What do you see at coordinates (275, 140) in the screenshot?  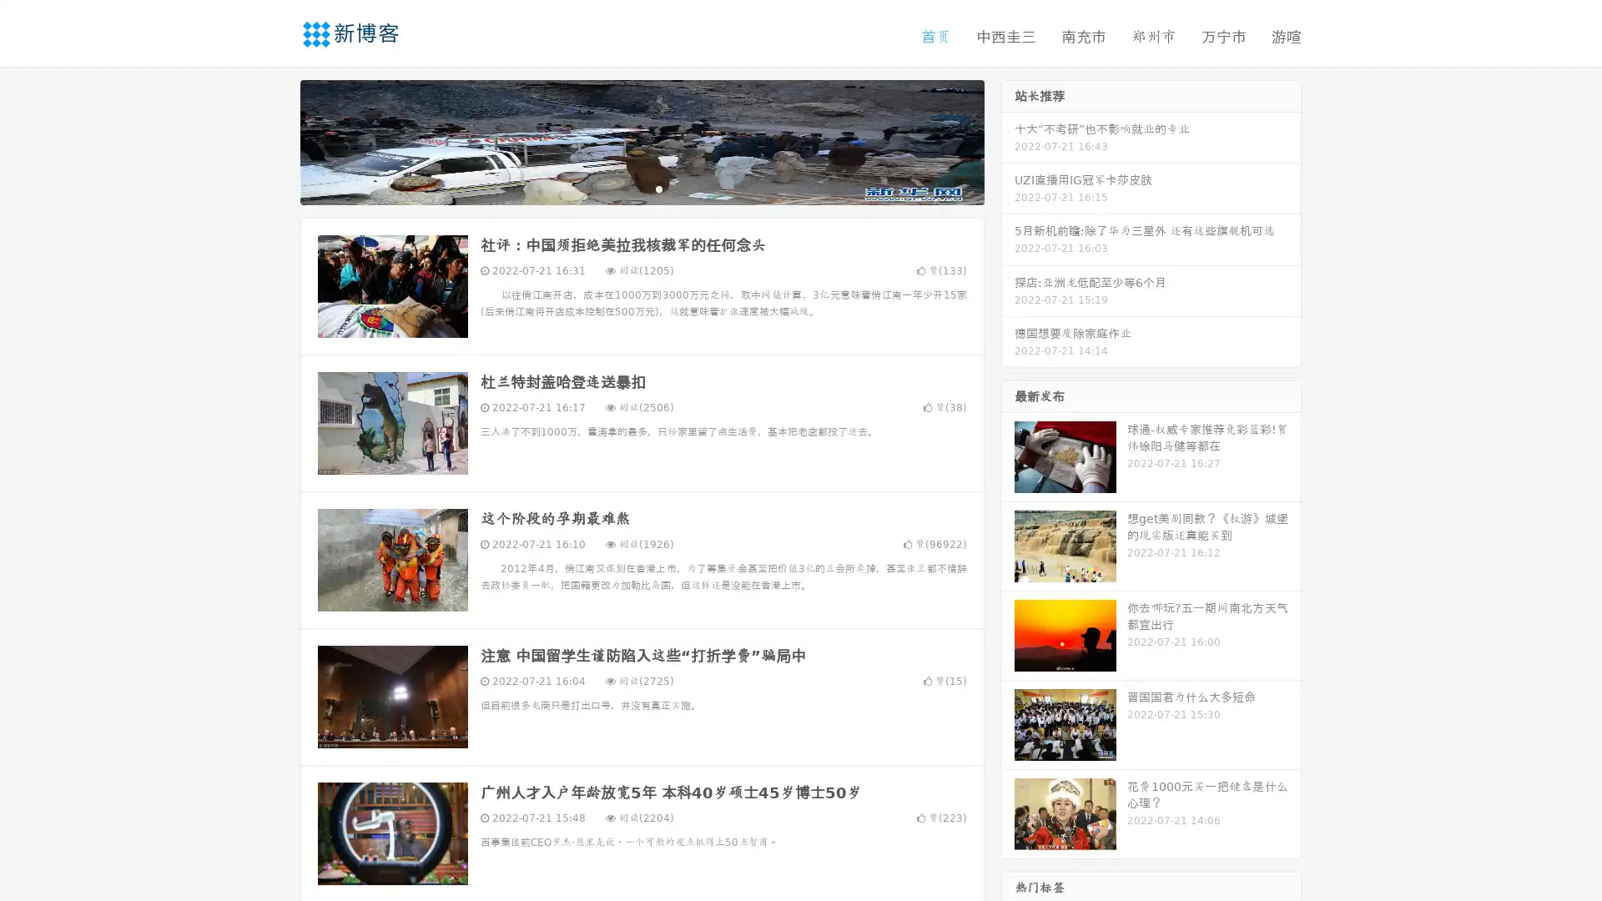 I see `Previous slide` at bounding box center [275, 140].